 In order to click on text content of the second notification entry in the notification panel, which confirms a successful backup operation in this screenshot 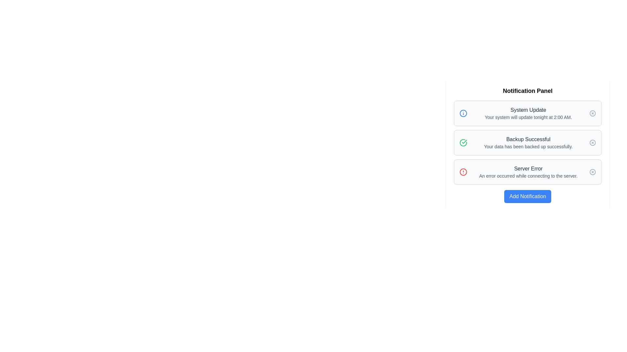, I will do `click(528, 142)`.